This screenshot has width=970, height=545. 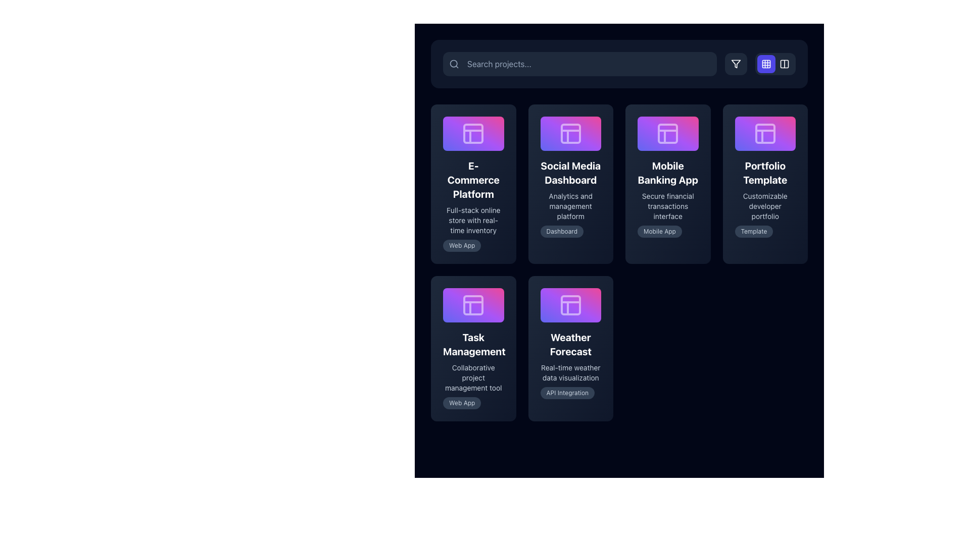 What do you see at coordinates (473, 133) in the screenshot?
I see `the small rectangular graphical icon component with rounded corners located at the center of the header section of the 'E-Commerce Platform' card in the top-left quadrant` at bounding box center [473, 133].